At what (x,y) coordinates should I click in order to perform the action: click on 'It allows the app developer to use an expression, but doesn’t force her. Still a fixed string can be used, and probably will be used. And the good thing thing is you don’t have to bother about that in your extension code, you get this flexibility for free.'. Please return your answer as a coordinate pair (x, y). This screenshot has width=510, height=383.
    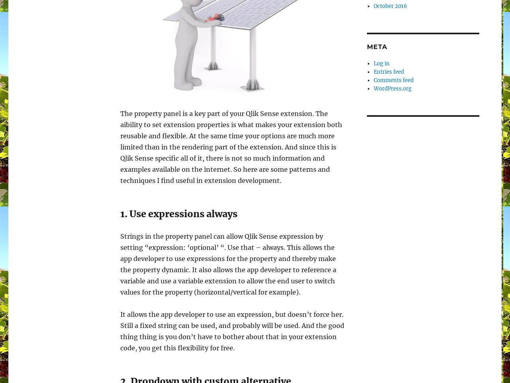
    Looking at the image, I should click on (232, 331).